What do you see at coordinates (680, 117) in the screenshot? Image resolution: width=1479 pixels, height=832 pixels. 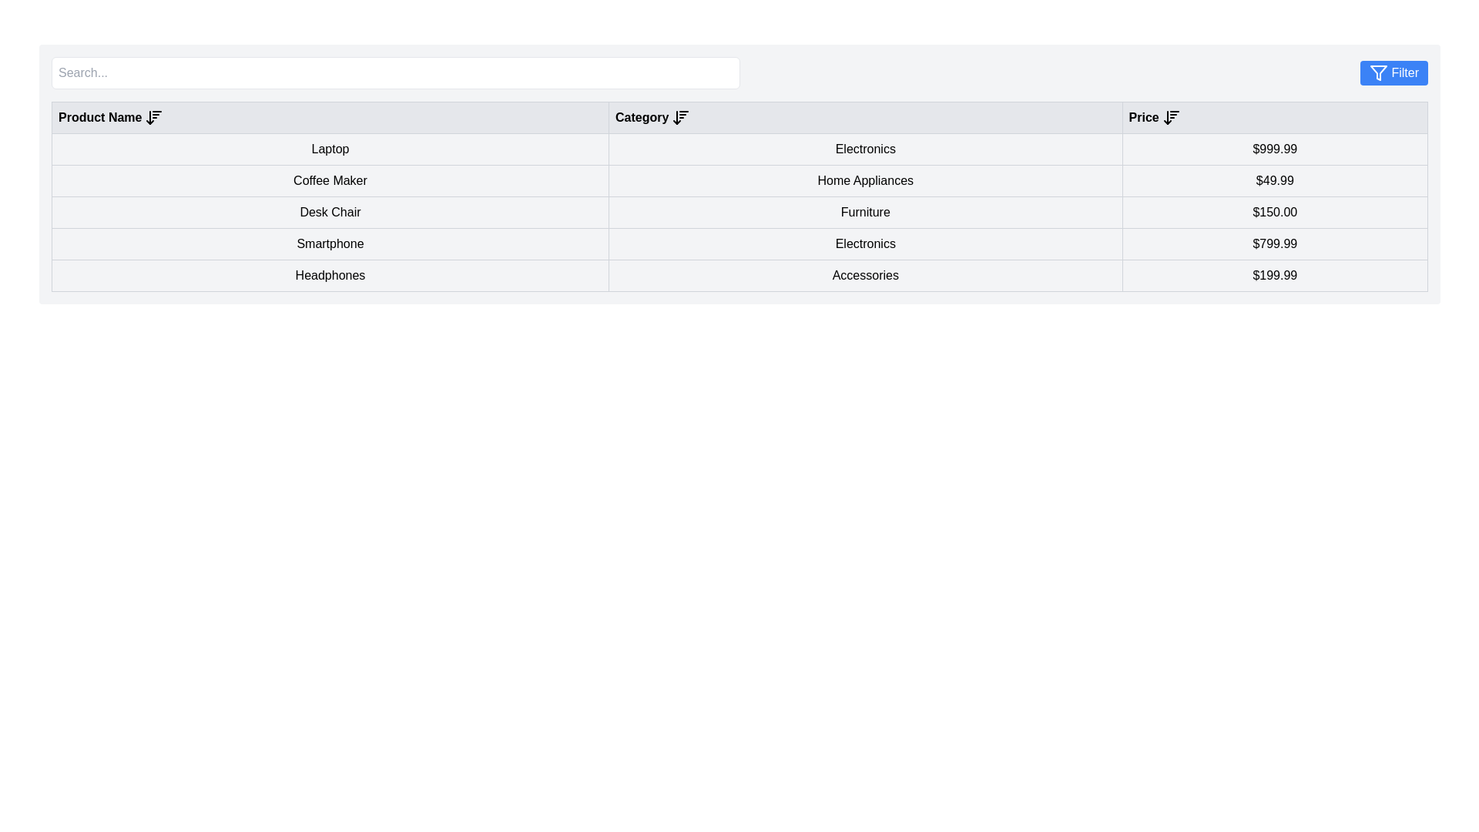 I see `the sorting icon for descending order, located immediately to the right of the 'Category' column header in the table` at bounding box center [680, 117].